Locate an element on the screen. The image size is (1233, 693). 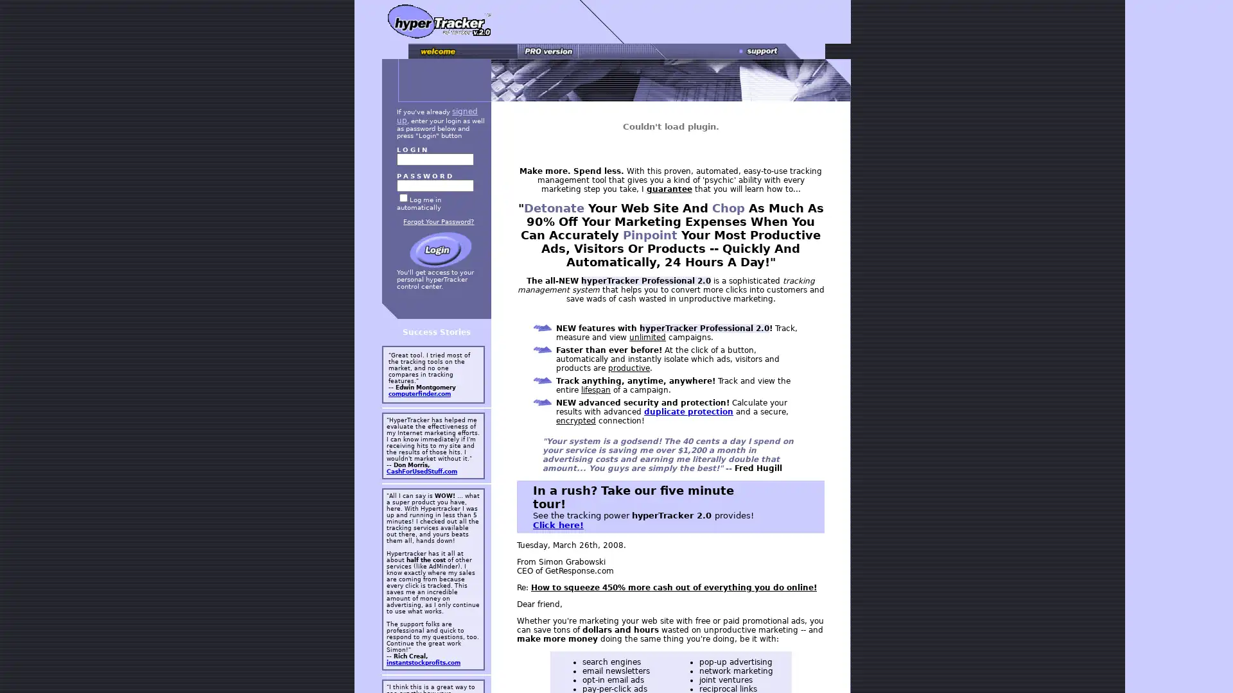
Submit is located at coordinates (441, 250).